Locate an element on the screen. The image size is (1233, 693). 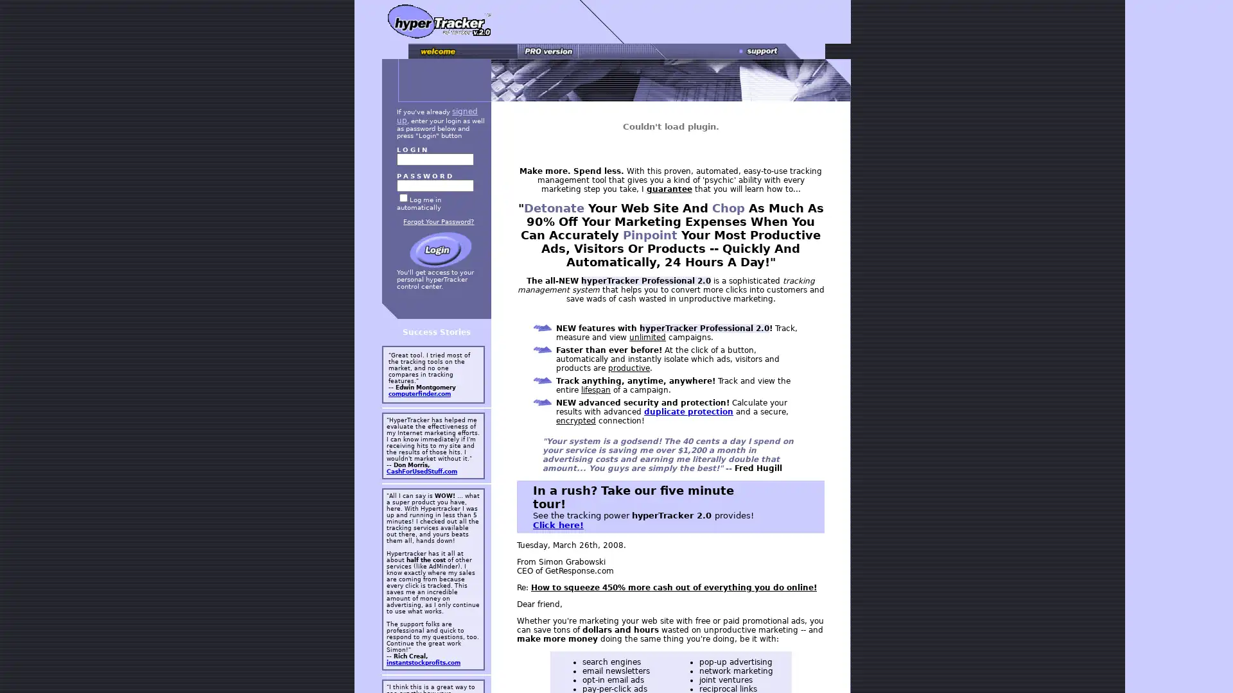
Submit is located at coordinates (441, 250).